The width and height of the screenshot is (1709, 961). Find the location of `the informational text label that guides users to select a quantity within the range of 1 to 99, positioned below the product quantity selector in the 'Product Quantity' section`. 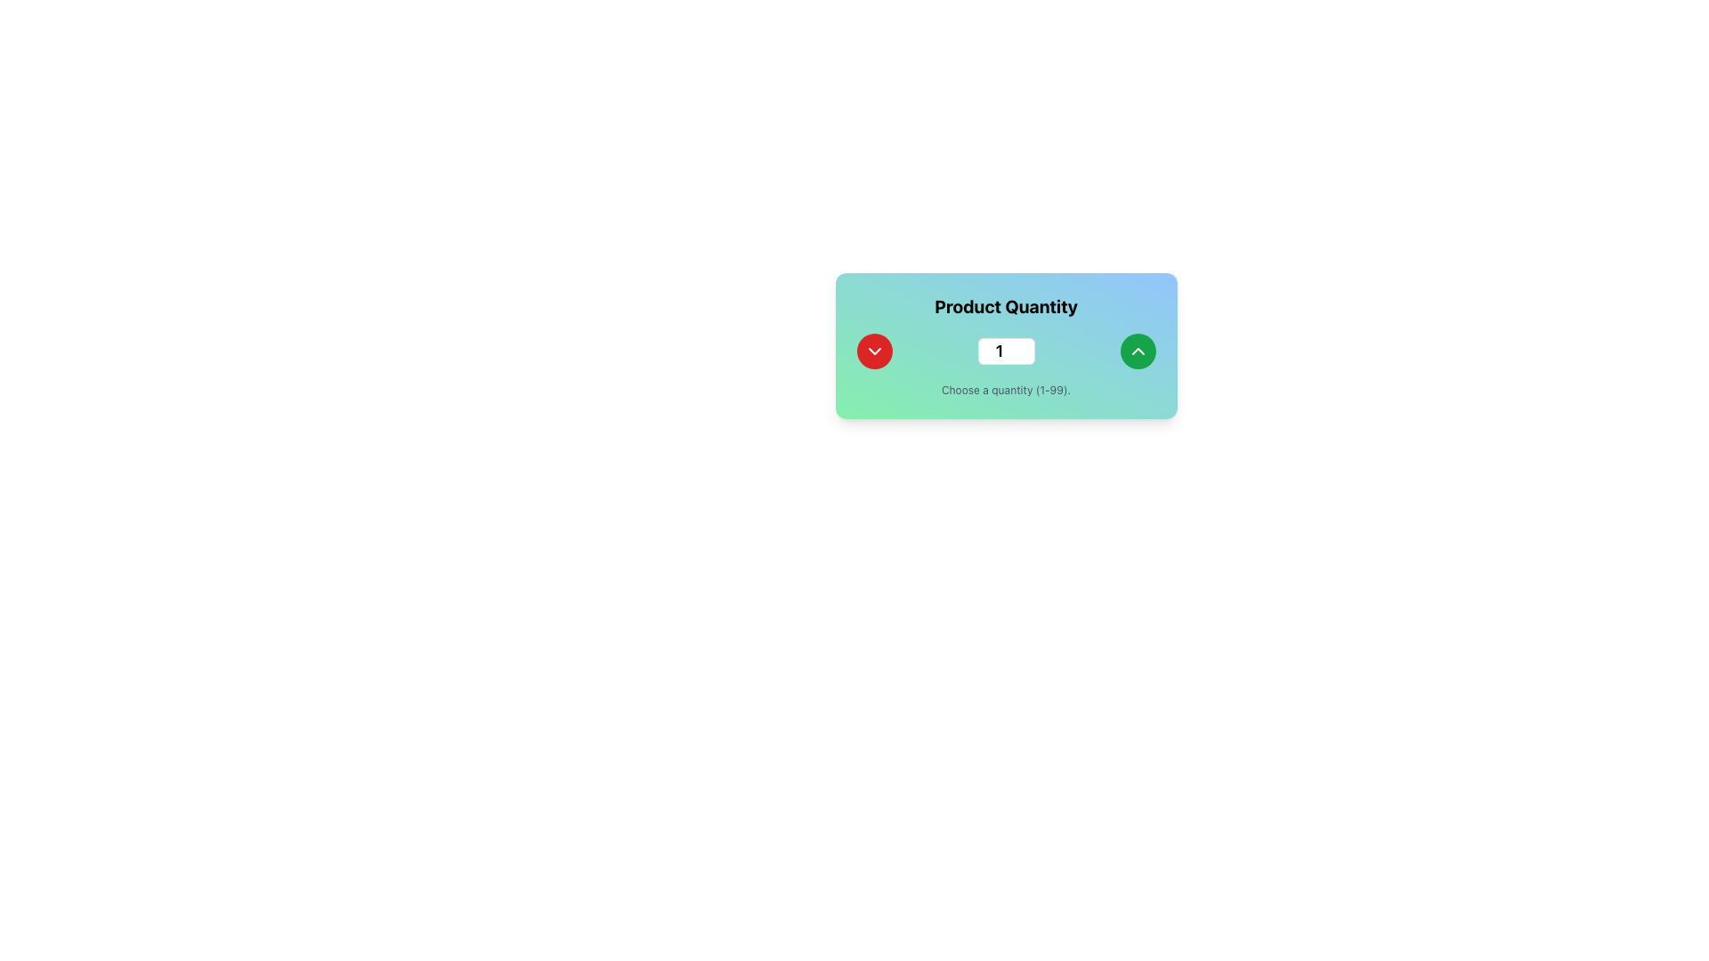

the informational text label that guides users to select a quantity within the range of 1 to 99, positioned below the product quantity selector in the 'Product Quantity' section is located at coordinates (1006, 390).